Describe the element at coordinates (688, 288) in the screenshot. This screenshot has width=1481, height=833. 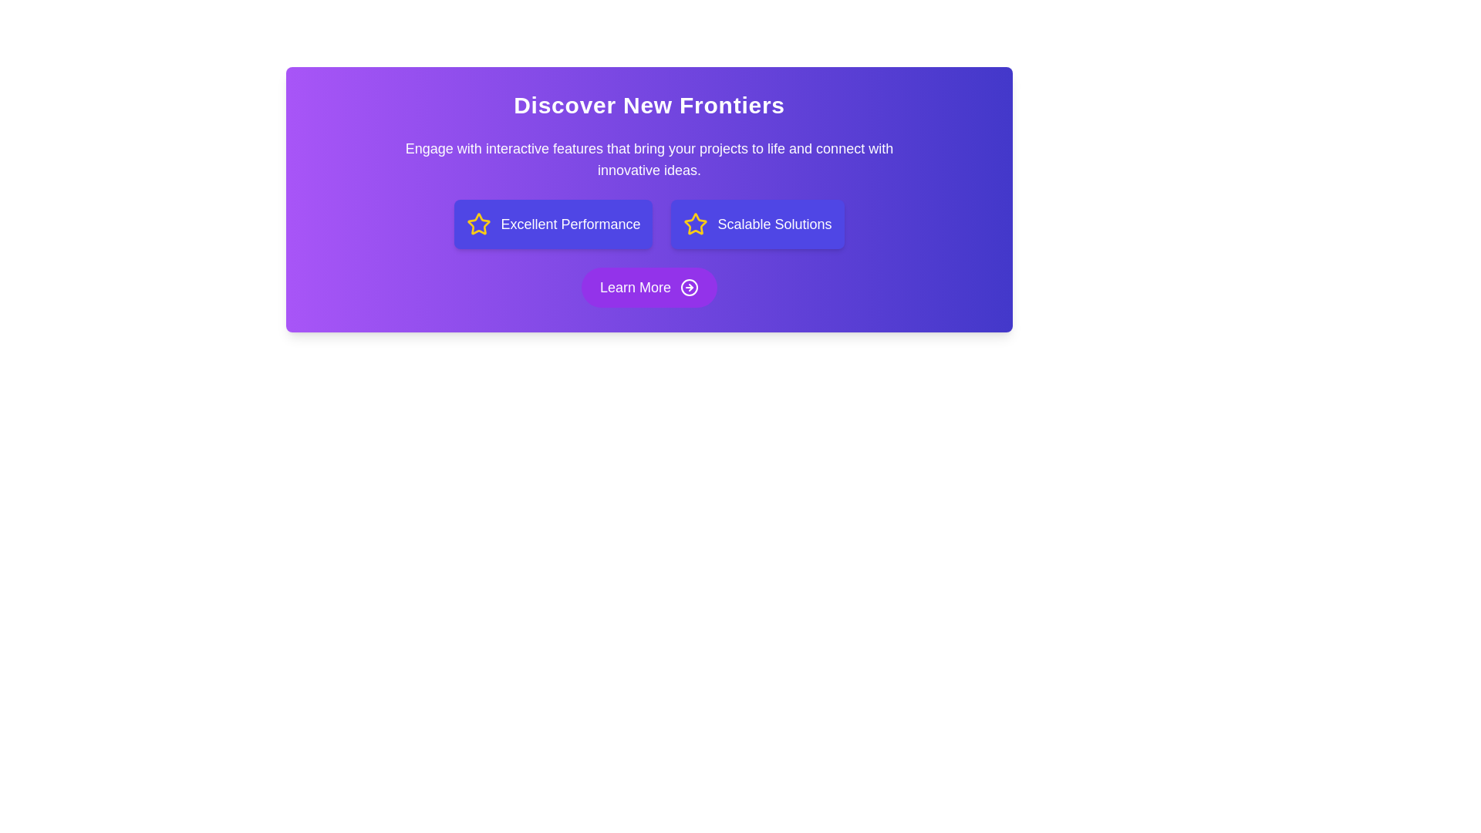
I see `the circular graphic element that forms part of the icon resembling a right-facing arrow, located near the 'Learn More' text button under the purple gradient header` at that location.